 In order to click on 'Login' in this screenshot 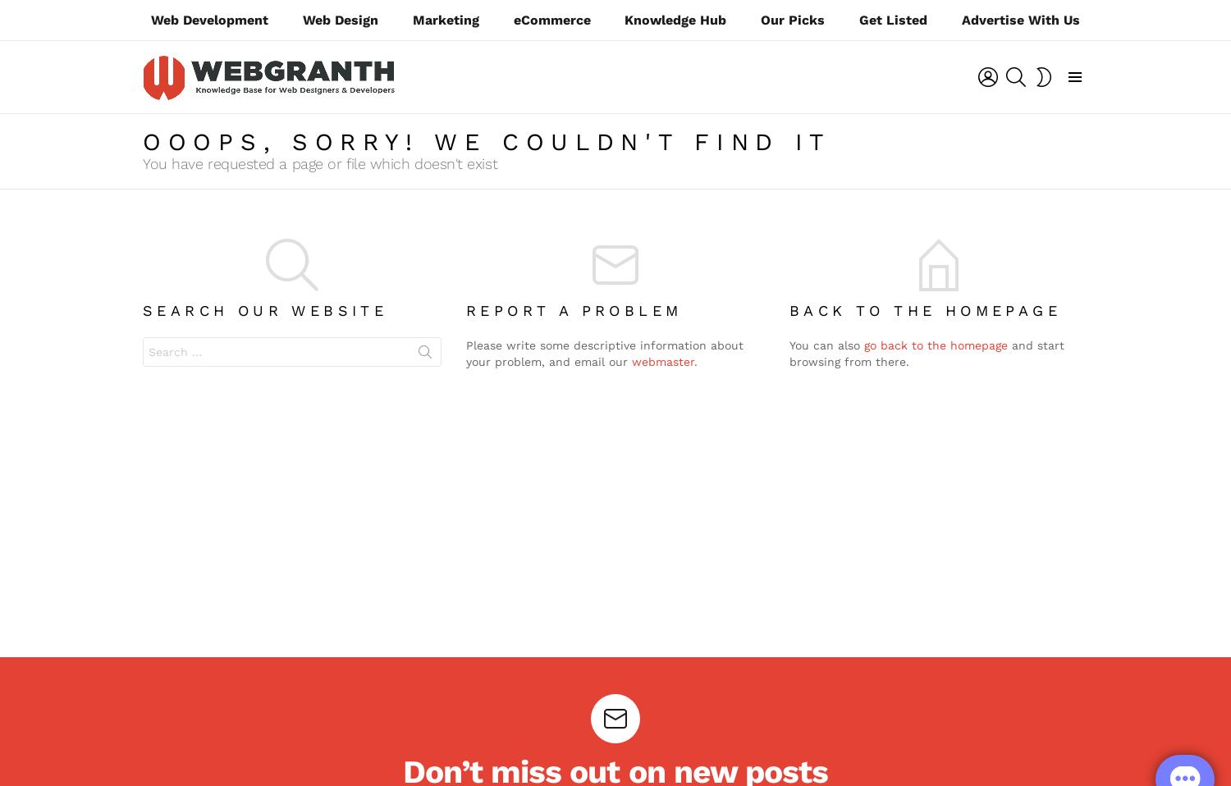, I will do `click(483, 67)`.